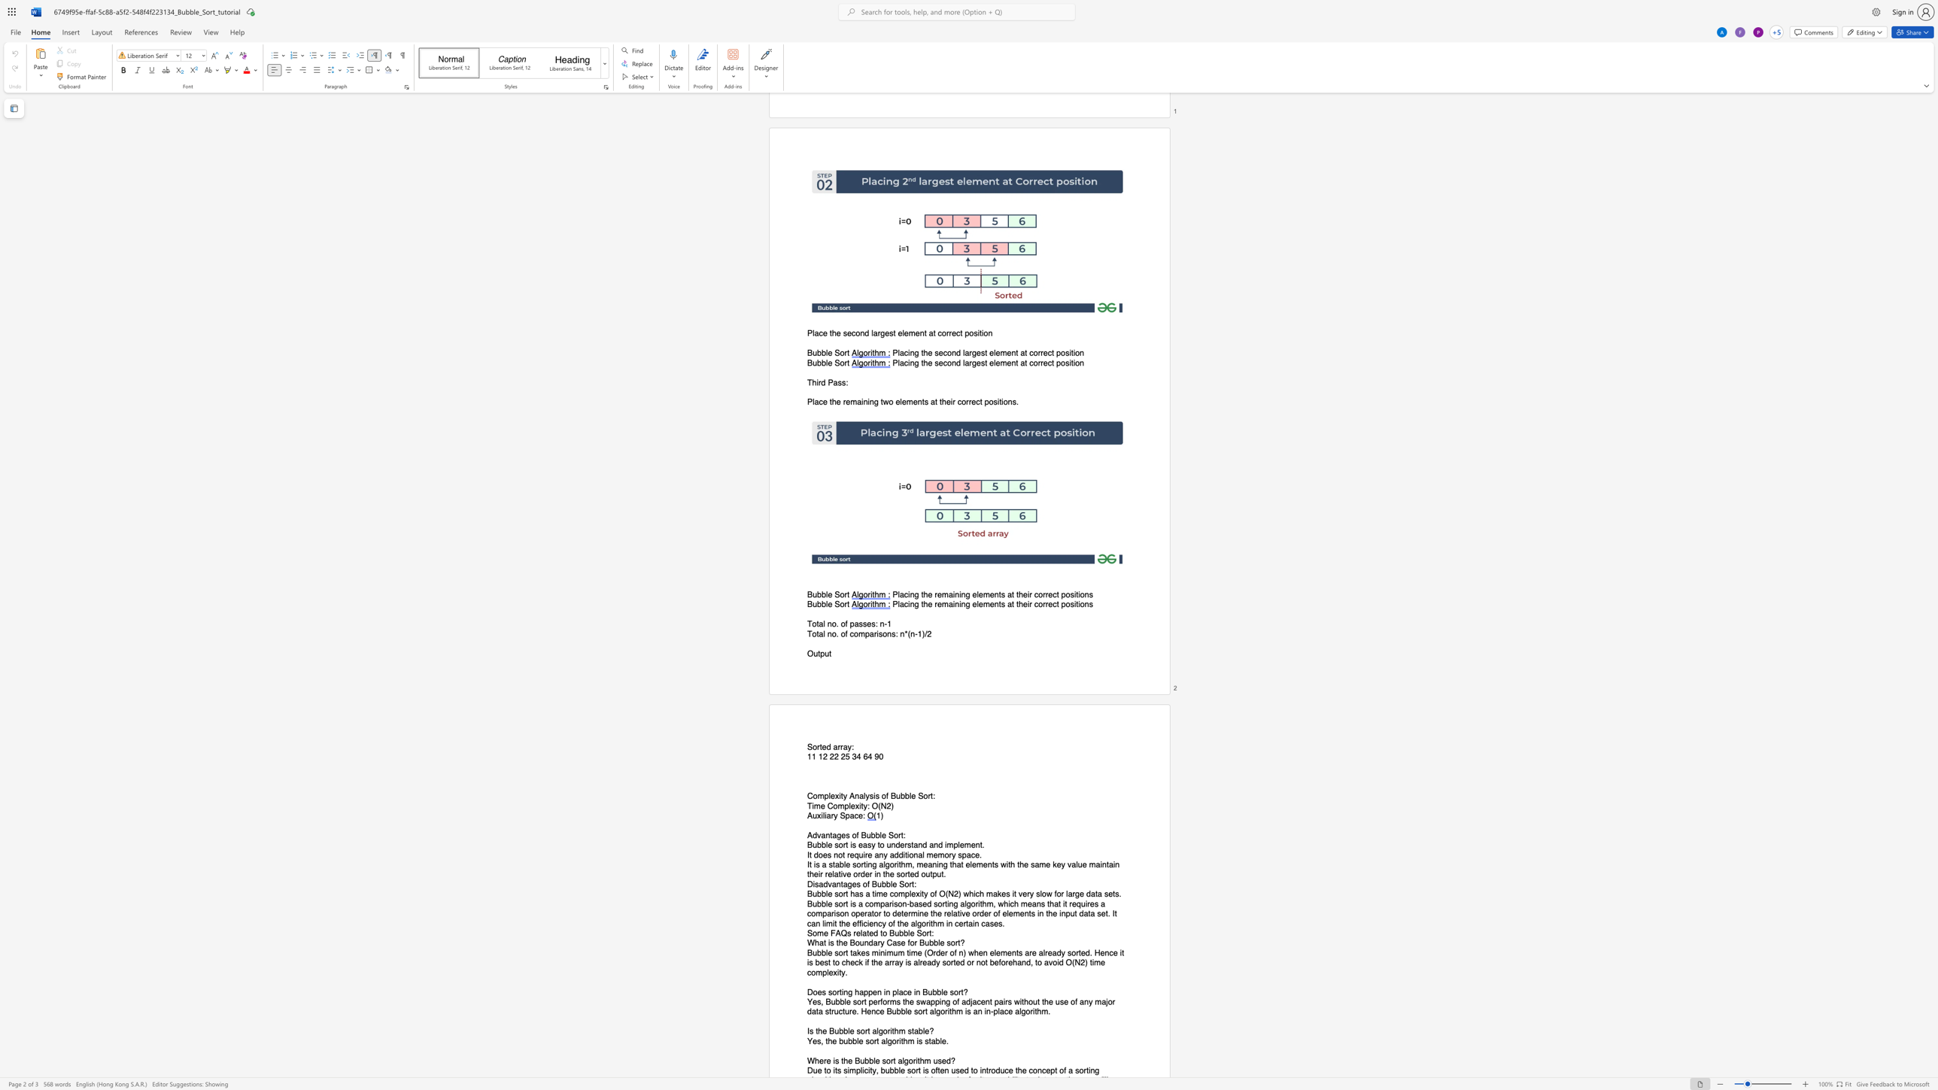  What do you see at coordinates (896, 903) in the screenshot?
I see `the 3th character "s" in the text` at bounding box center [896, 903].